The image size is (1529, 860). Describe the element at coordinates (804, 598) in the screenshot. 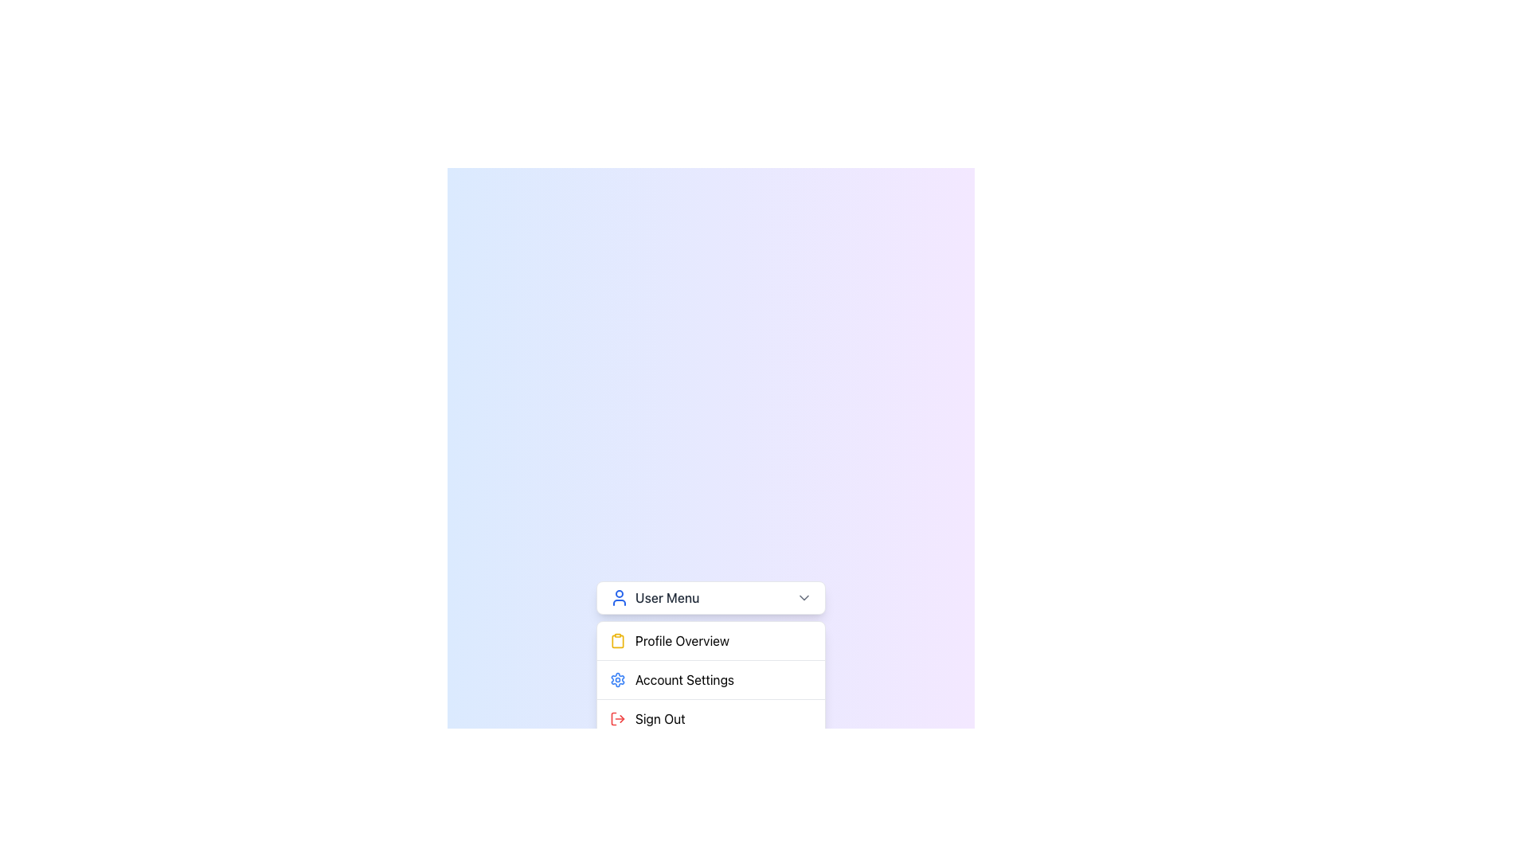

I see `the downward-facing chevron icon, which is located to the right of the 'User Menu' text` at that location.